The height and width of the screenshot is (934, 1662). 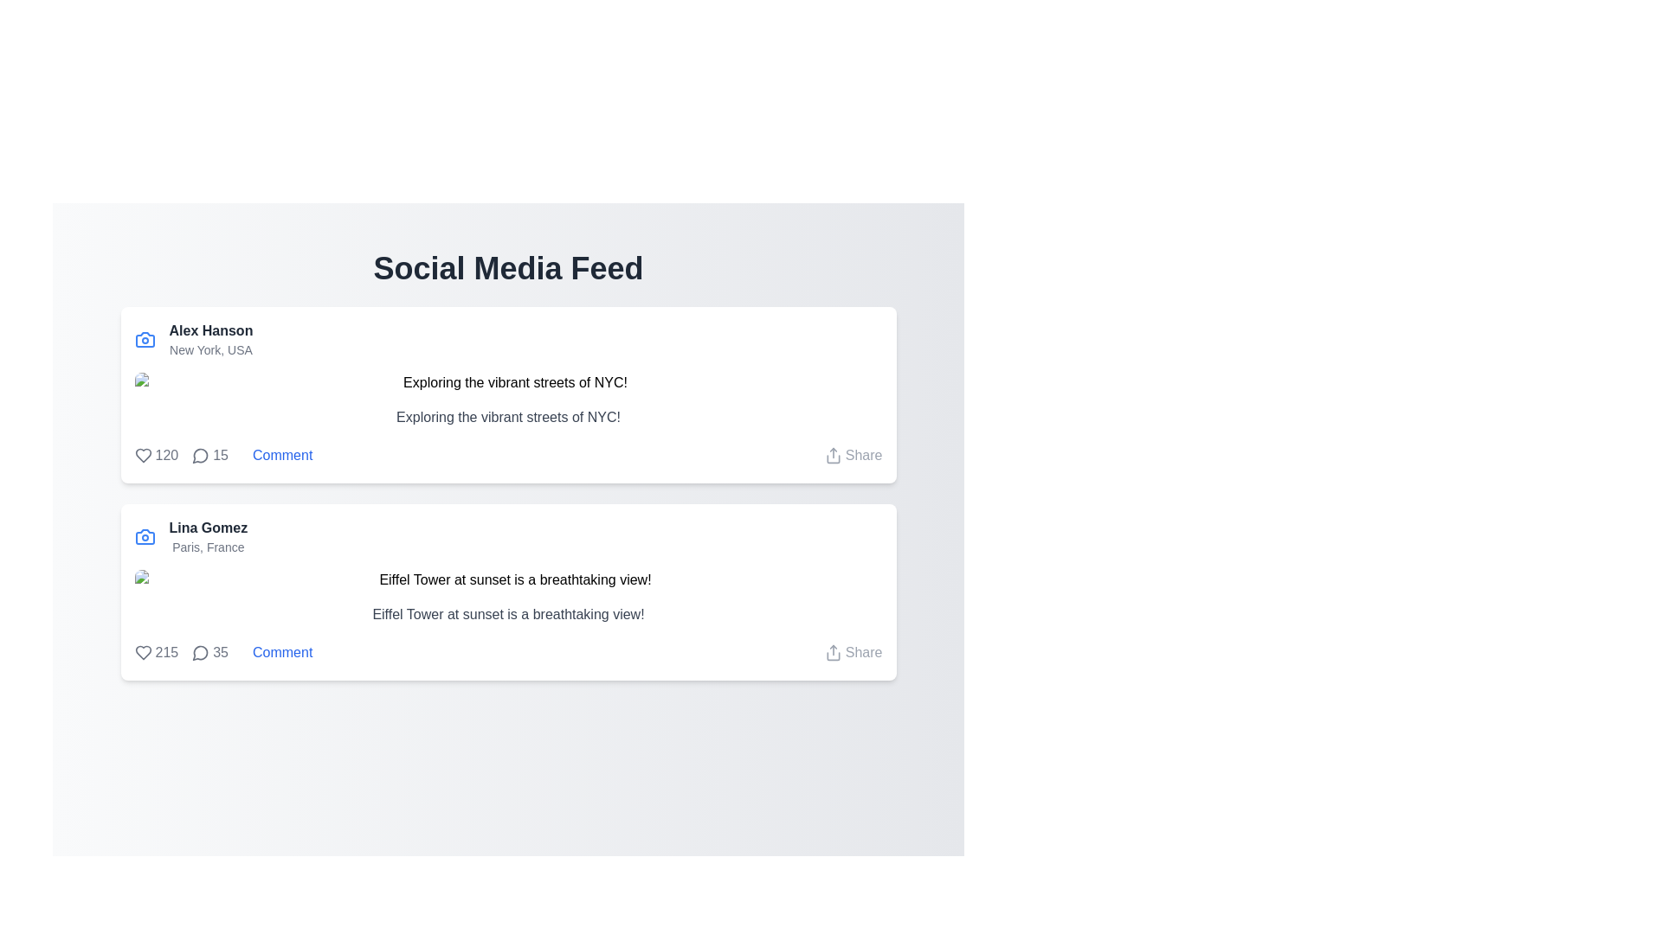 What do you see at coordinates (210, 340) in the screenshot?
I see `text from the user's identification label located at the top-left portion of the user content card in the 'Social Media Feed' page, adjacent to the camera icon on its left` at bounding box center [210, 340].